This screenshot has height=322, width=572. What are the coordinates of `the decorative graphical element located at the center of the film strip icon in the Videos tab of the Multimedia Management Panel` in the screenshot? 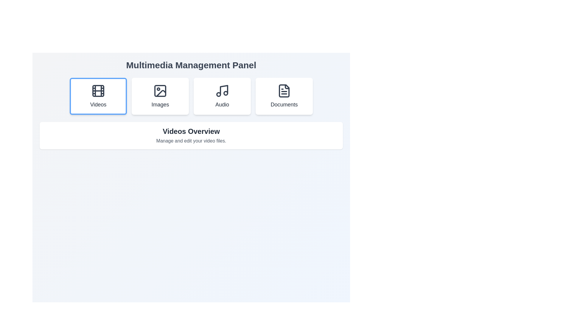 It's located at (98, 91).